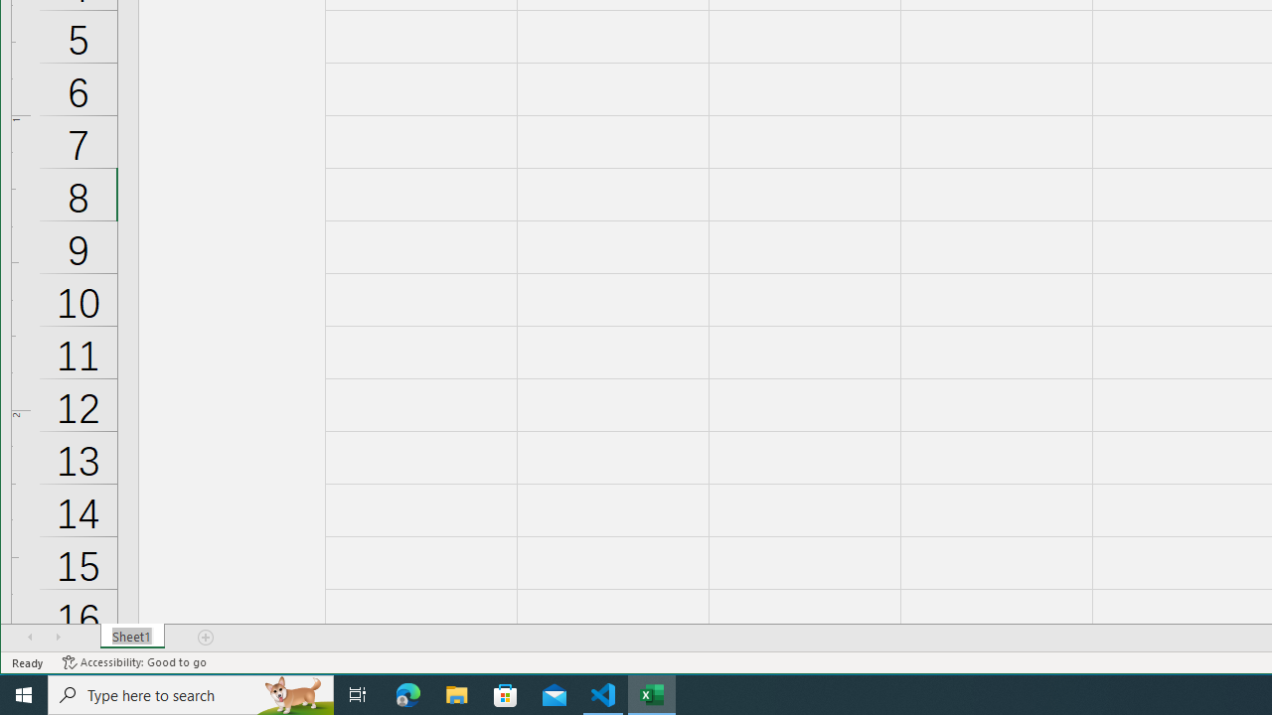 The width and height of the screenshot is (1272, 715). I want to click on 'File Explorer', so click(456, 693).